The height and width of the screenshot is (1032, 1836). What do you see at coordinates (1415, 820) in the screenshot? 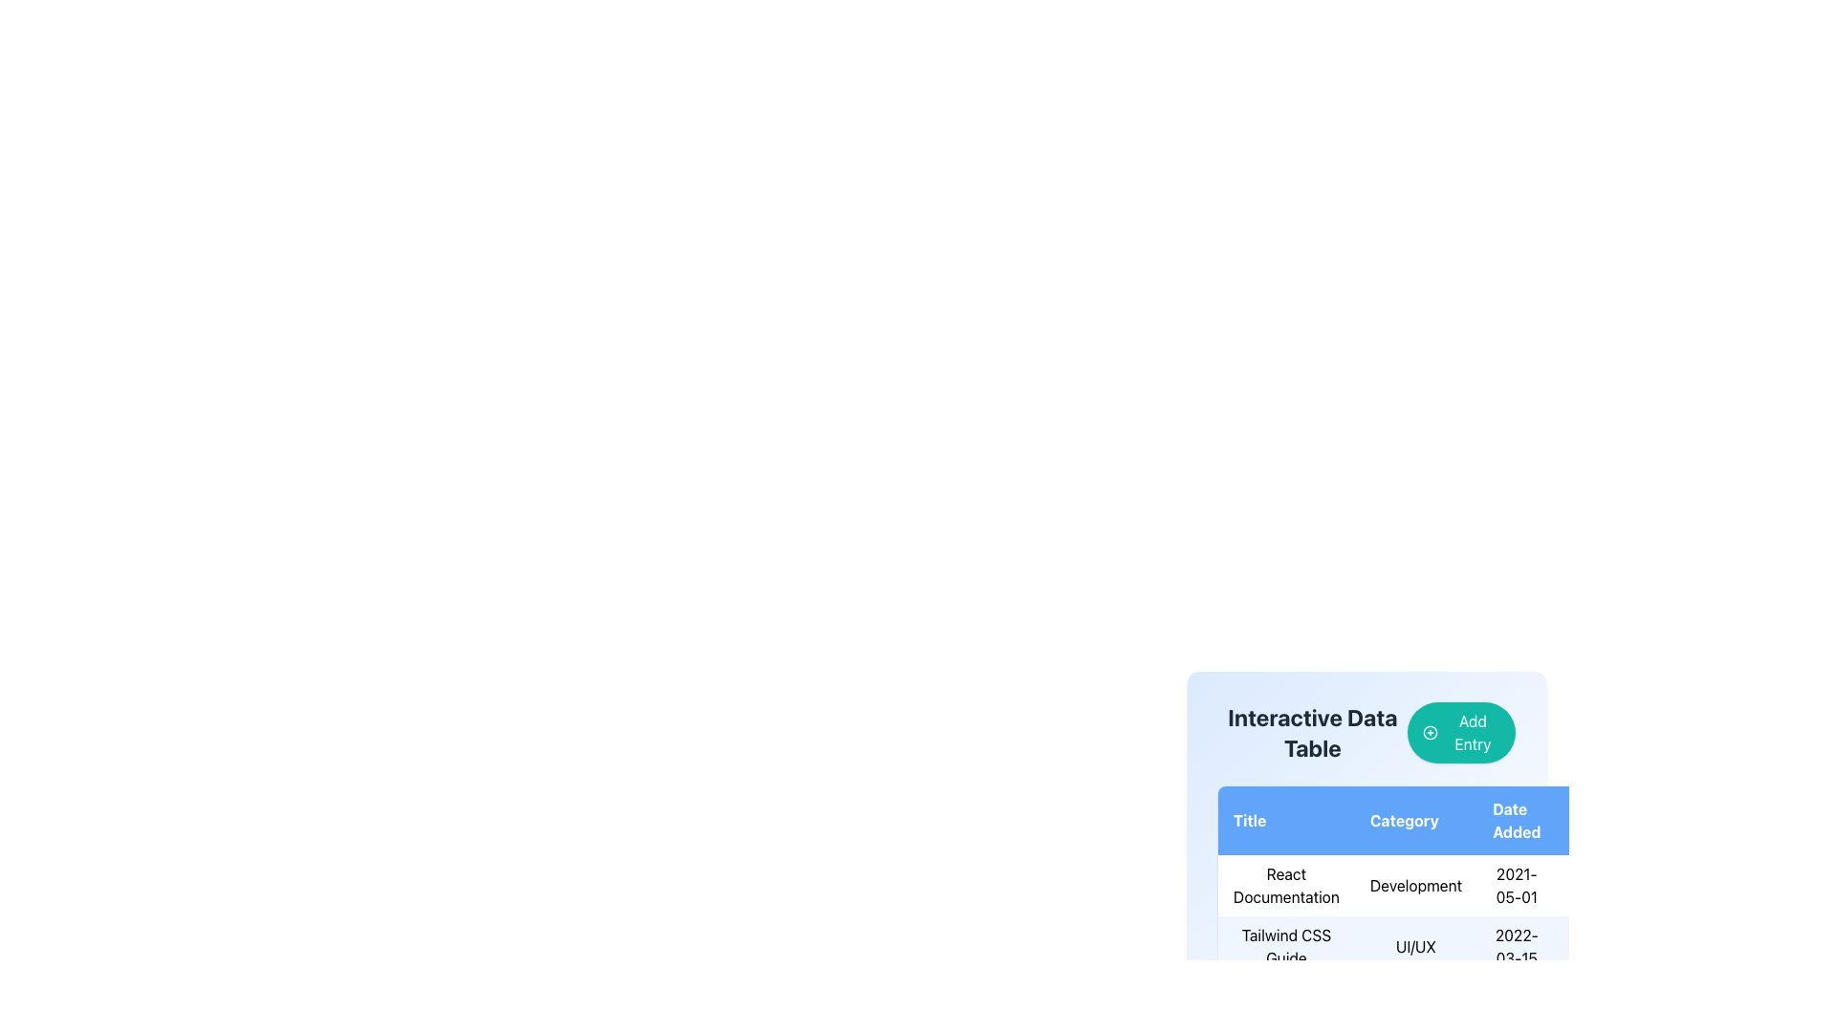
I see `the 'Category' text label, which is styled with white text on a light blue background and located in the second column header of a table, between 'Title' and 'Date Added'` at bounding box center [1415, 820].